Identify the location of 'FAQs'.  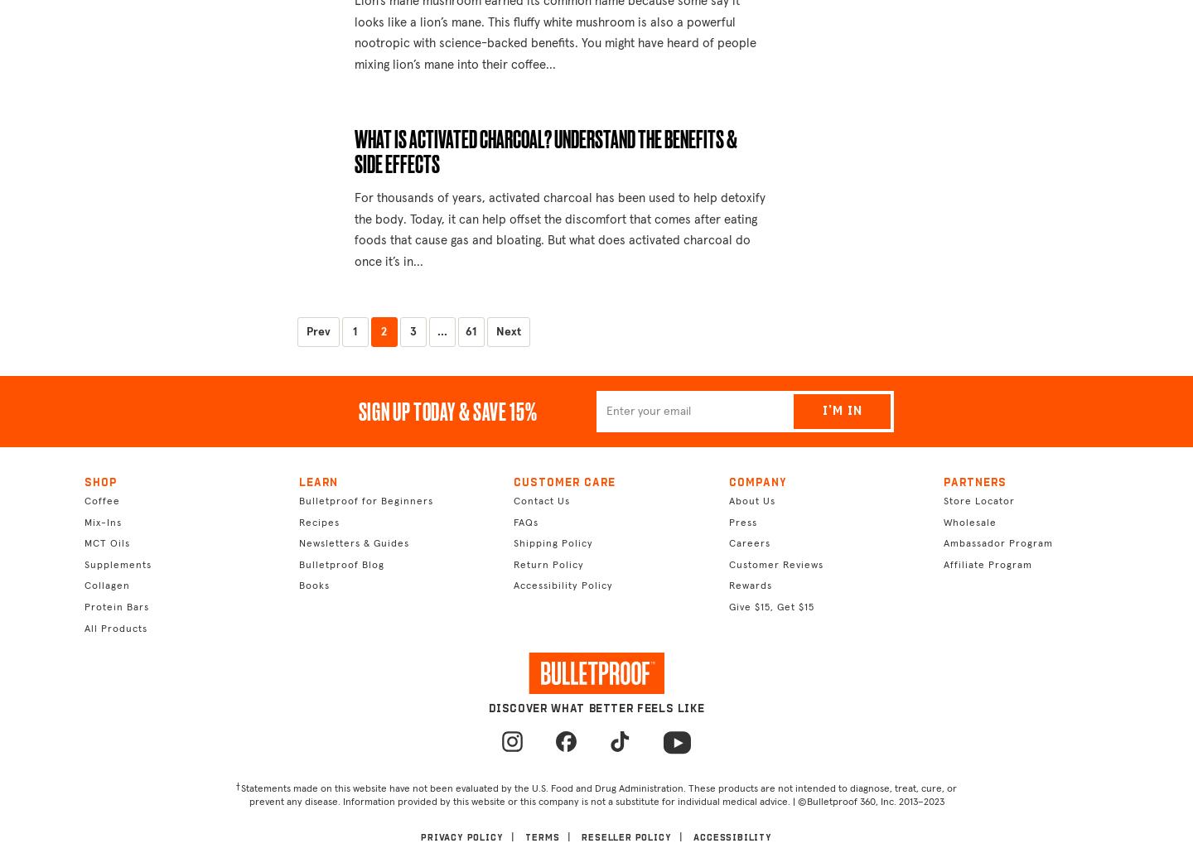
(525, 521).